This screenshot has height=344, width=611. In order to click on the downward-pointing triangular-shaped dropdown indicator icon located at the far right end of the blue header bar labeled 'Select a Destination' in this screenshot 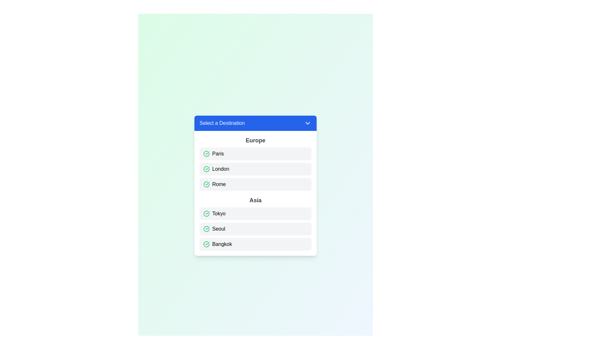, I will do `click(307, 123)`.